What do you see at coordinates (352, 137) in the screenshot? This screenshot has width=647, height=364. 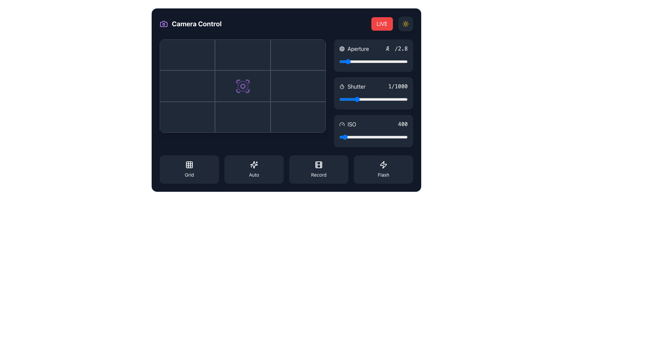 I see `ISO value` at bounding box center [352, 137].